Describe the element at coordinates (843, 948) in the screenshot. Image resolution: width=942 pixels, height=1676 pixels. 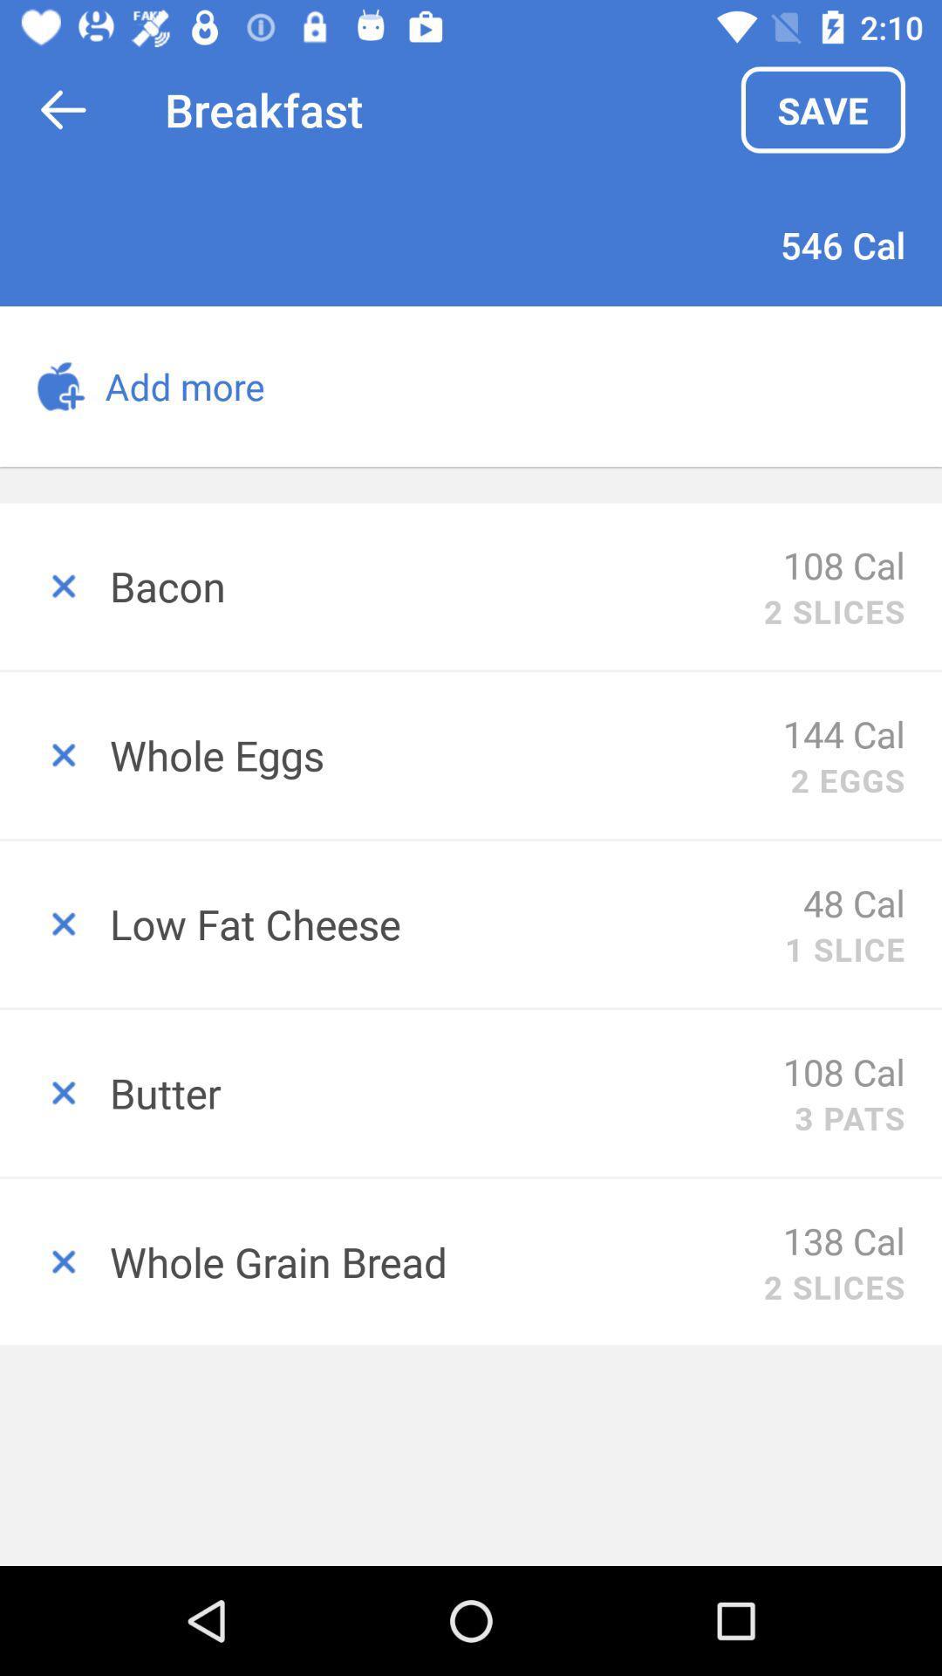
I see `the 1 slice item` at that location.